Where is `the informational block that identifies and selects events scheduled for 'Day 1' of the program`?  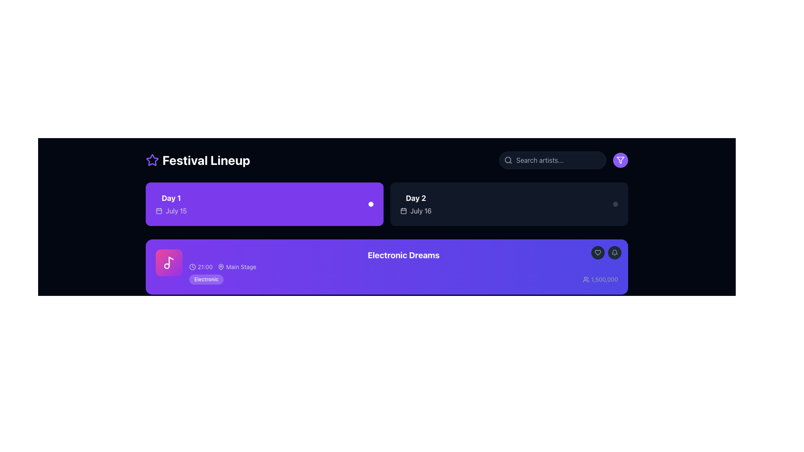
the informational block that identifies and selects events scheduled for 'Day 1' of the program is located at coordinates (171, 204).